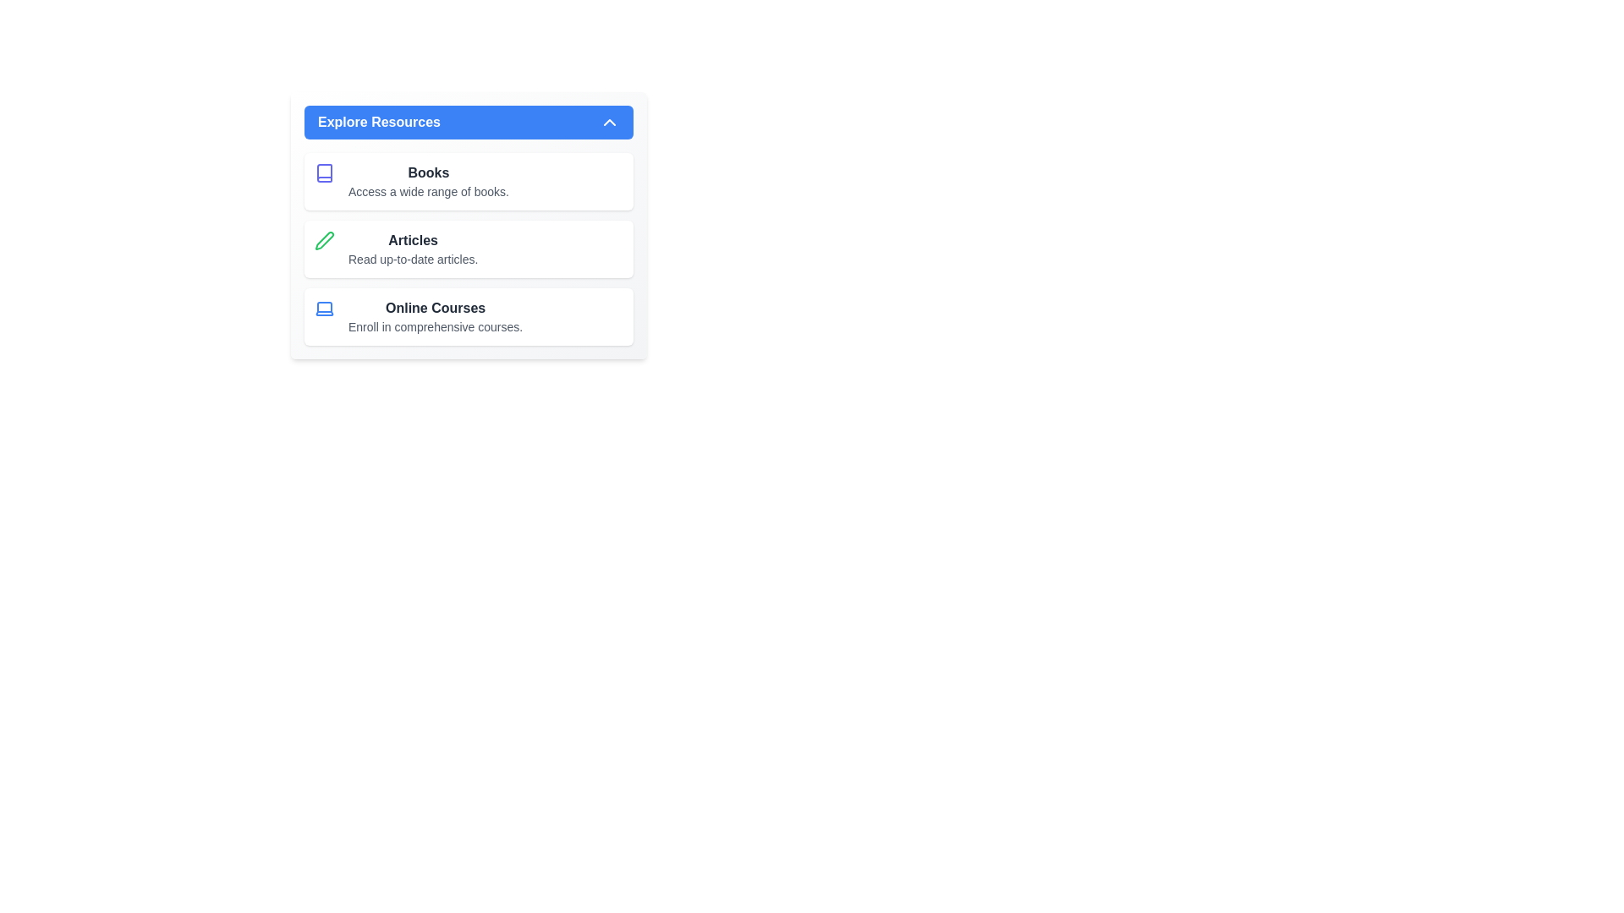 The height and width of the screenshot is (913, 1624). I want to click on the icon button located in the upper blue bar labeled 'Explore Resources', so click(609, 122).